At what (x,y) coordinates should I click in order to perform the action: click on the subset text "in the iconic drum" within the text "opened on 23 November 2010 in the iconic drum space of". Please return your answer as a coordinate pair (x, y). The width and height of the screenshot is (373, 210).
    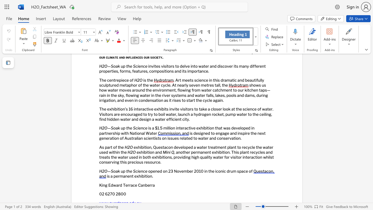
    Looking at the image, I should click on (204, 171).